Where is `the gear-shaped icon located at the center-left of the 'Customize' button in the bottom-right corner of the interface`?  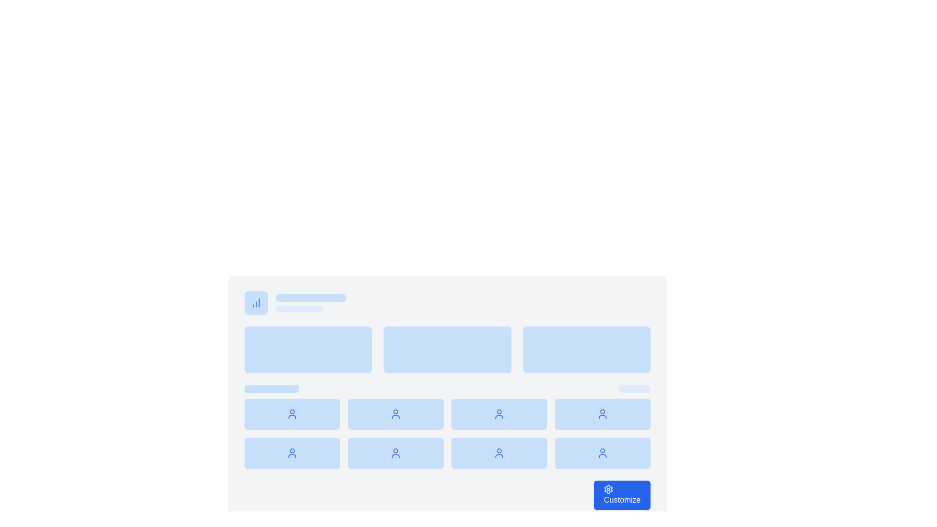
the gear-shaped icon located at the center-left of the 'Customize' button in the bottom-right corner of the interface is located at coordinates (608, 489).